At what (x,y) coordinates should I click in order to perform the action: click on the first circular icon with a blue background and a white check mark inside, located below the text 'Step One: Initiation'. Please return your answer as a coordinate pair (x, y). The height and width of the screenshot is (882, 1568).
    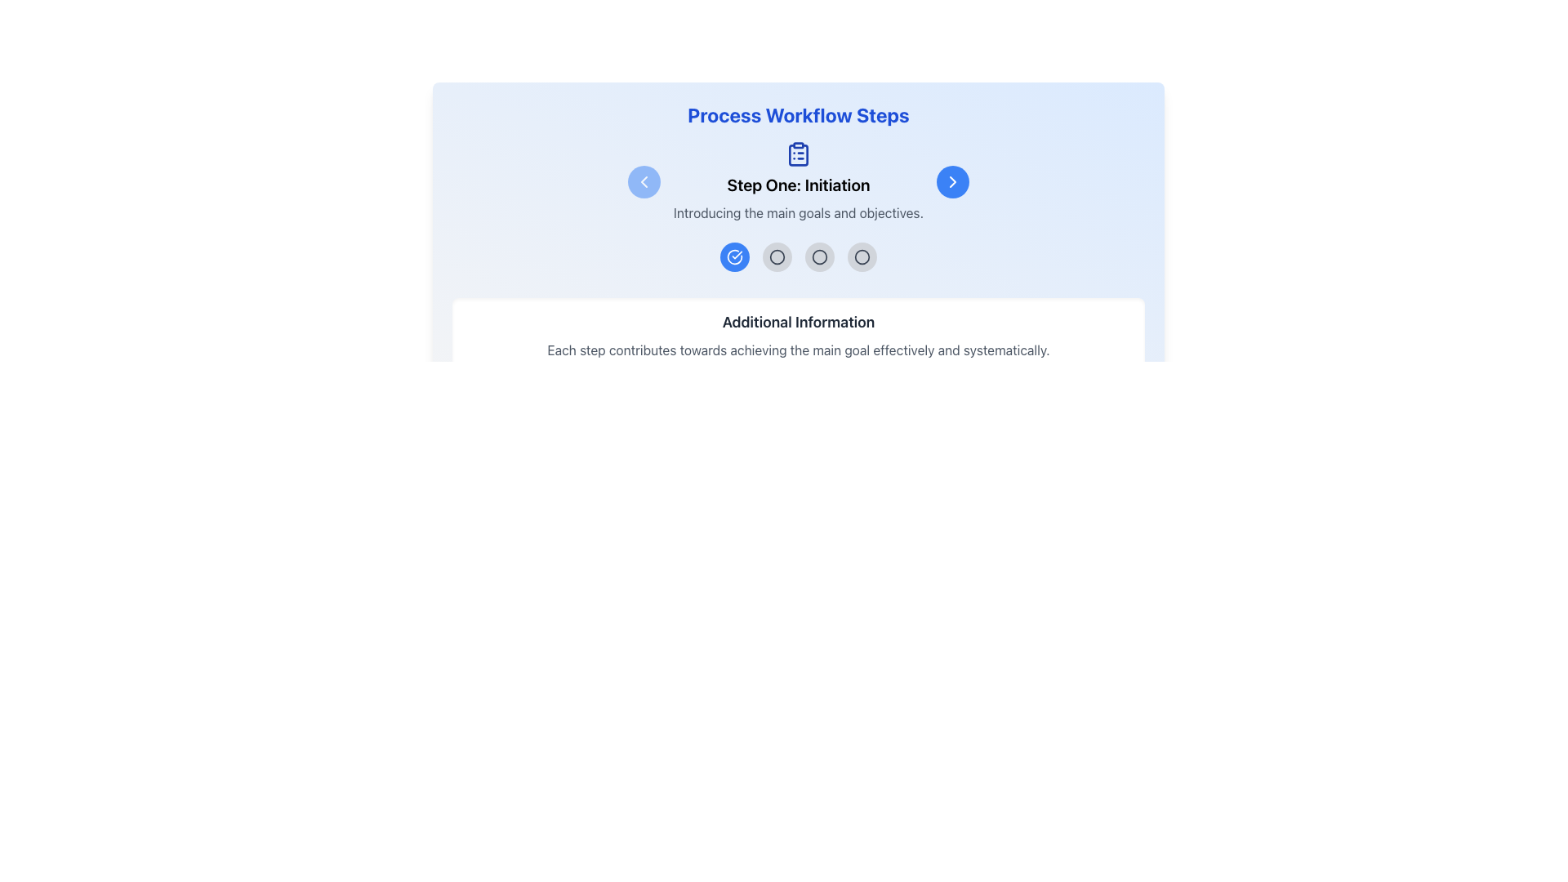
    Looking at the image, I should click on (734, 257).